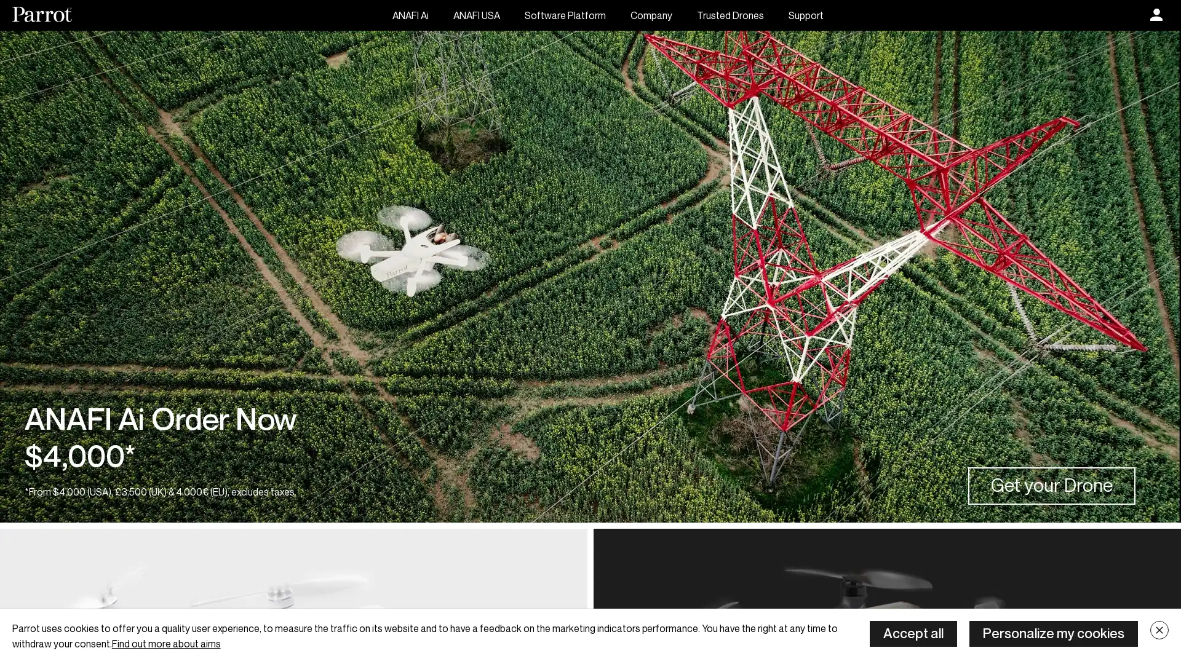 The image size is (1181, 664). Describe the element at coordinates (1053, 633) in the screenshot. I see `Personalize my cookies` at that location.